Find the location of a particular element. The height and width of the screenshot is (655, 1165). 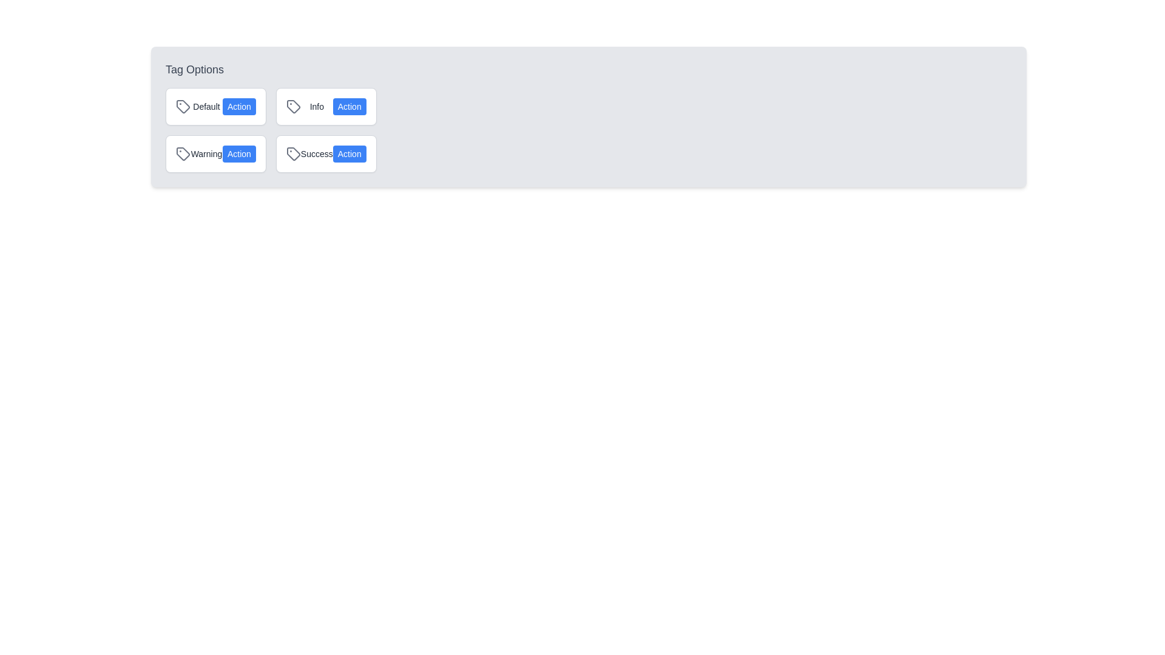

the vector graphic icon located within the 'Default' button group at the top-left of the 'Tag Options' section, which symbolizes a tagging or categorization feature is located at coordinates (183, 106).